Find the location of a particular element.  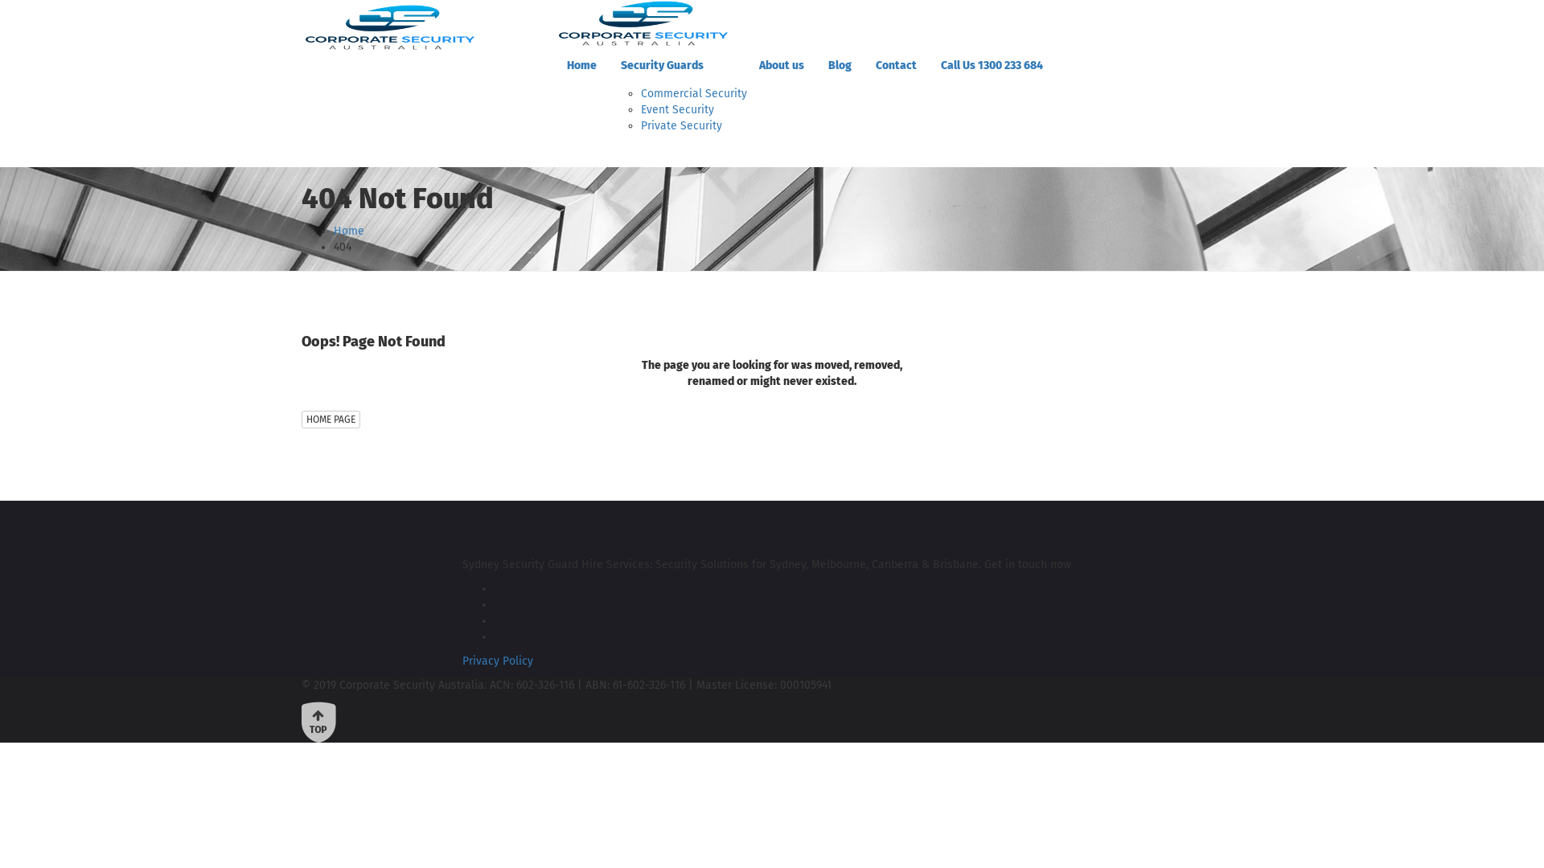

'About us' is located at coordinates (781, 64).